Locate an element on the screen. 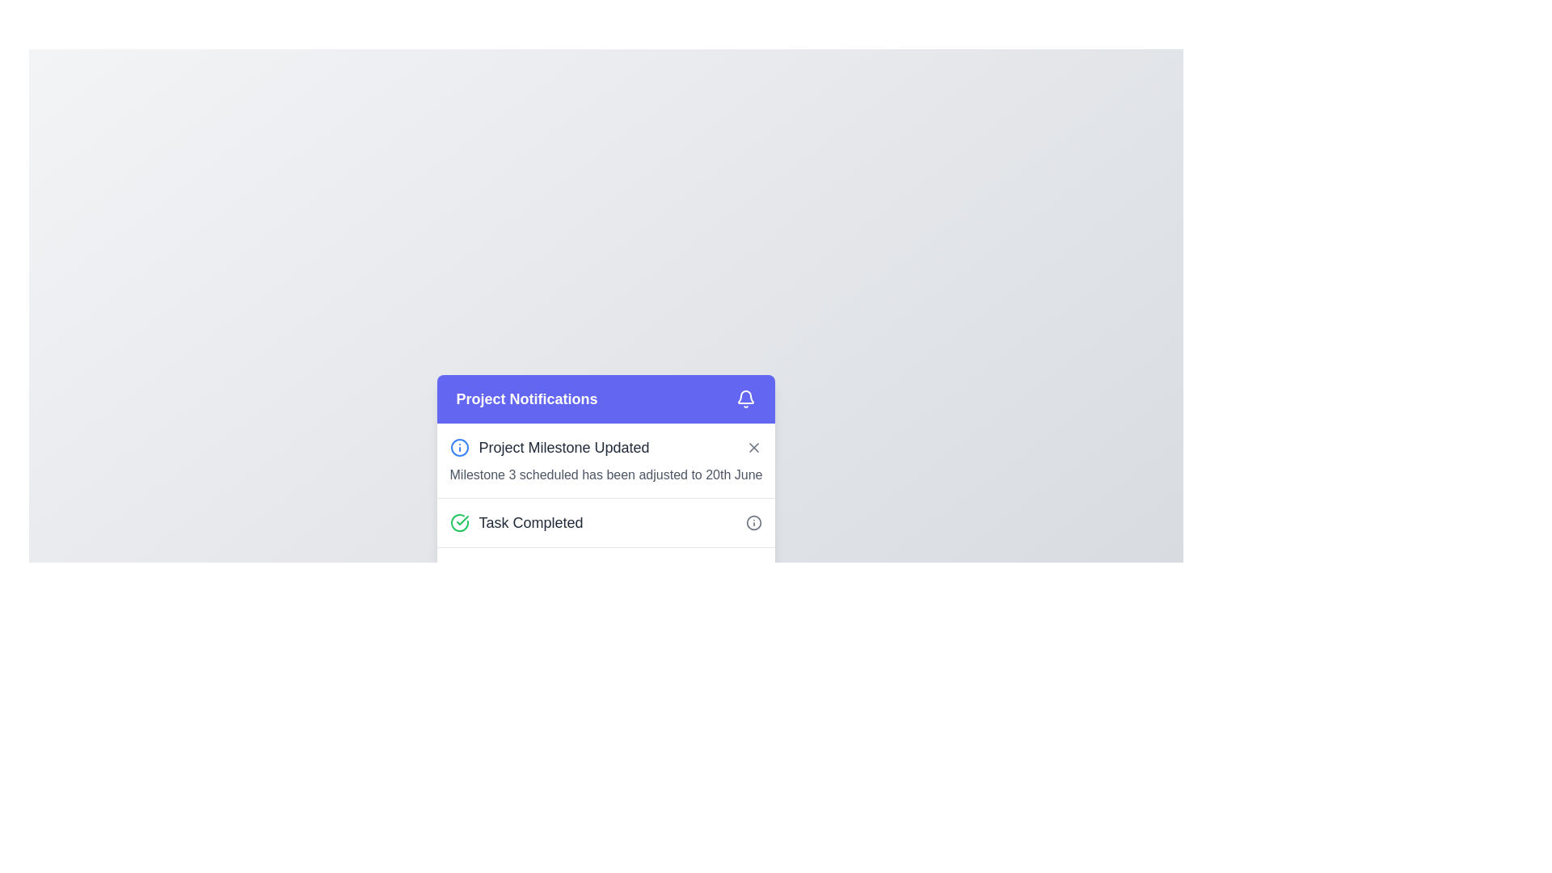  the decorative SVG circle element within the information icon of the 'Project Milestone Updated' notification is located at coordinates (753, 523).